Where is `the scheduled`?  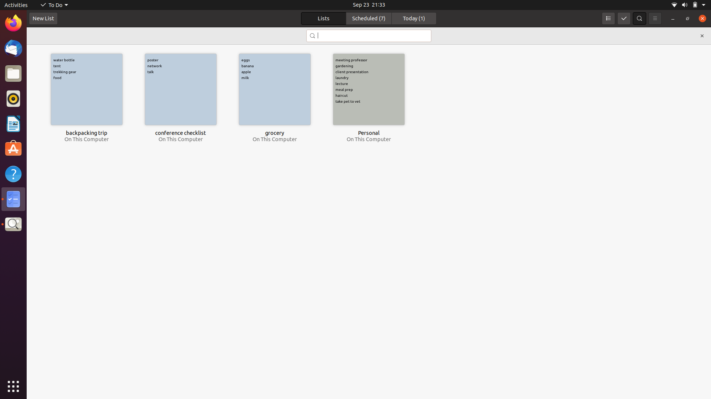
the scheduled is located at coordinates (369, 18).